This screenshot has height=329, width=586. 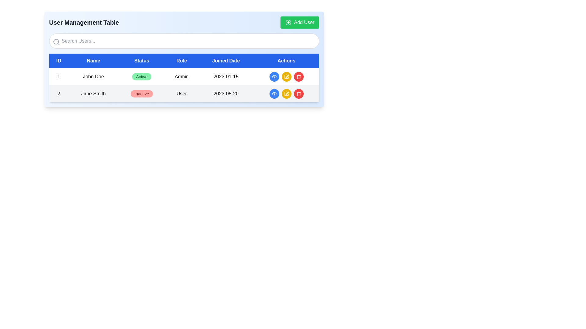 What do you see at coordinates (93, 61) in the screenshot?
I see `the 'Name' column header label, which is the second column in a horizontal row of headers positioned between 'ID' and 'Status' in the data table` at bounding box center [93, 61].